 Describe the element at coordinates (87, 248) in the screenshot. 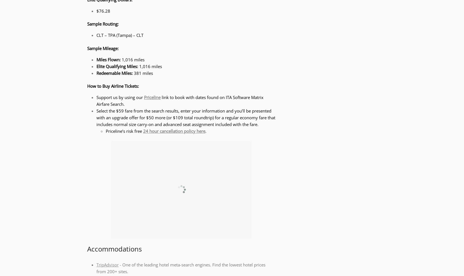

I see `'Accommodations'` at that location.